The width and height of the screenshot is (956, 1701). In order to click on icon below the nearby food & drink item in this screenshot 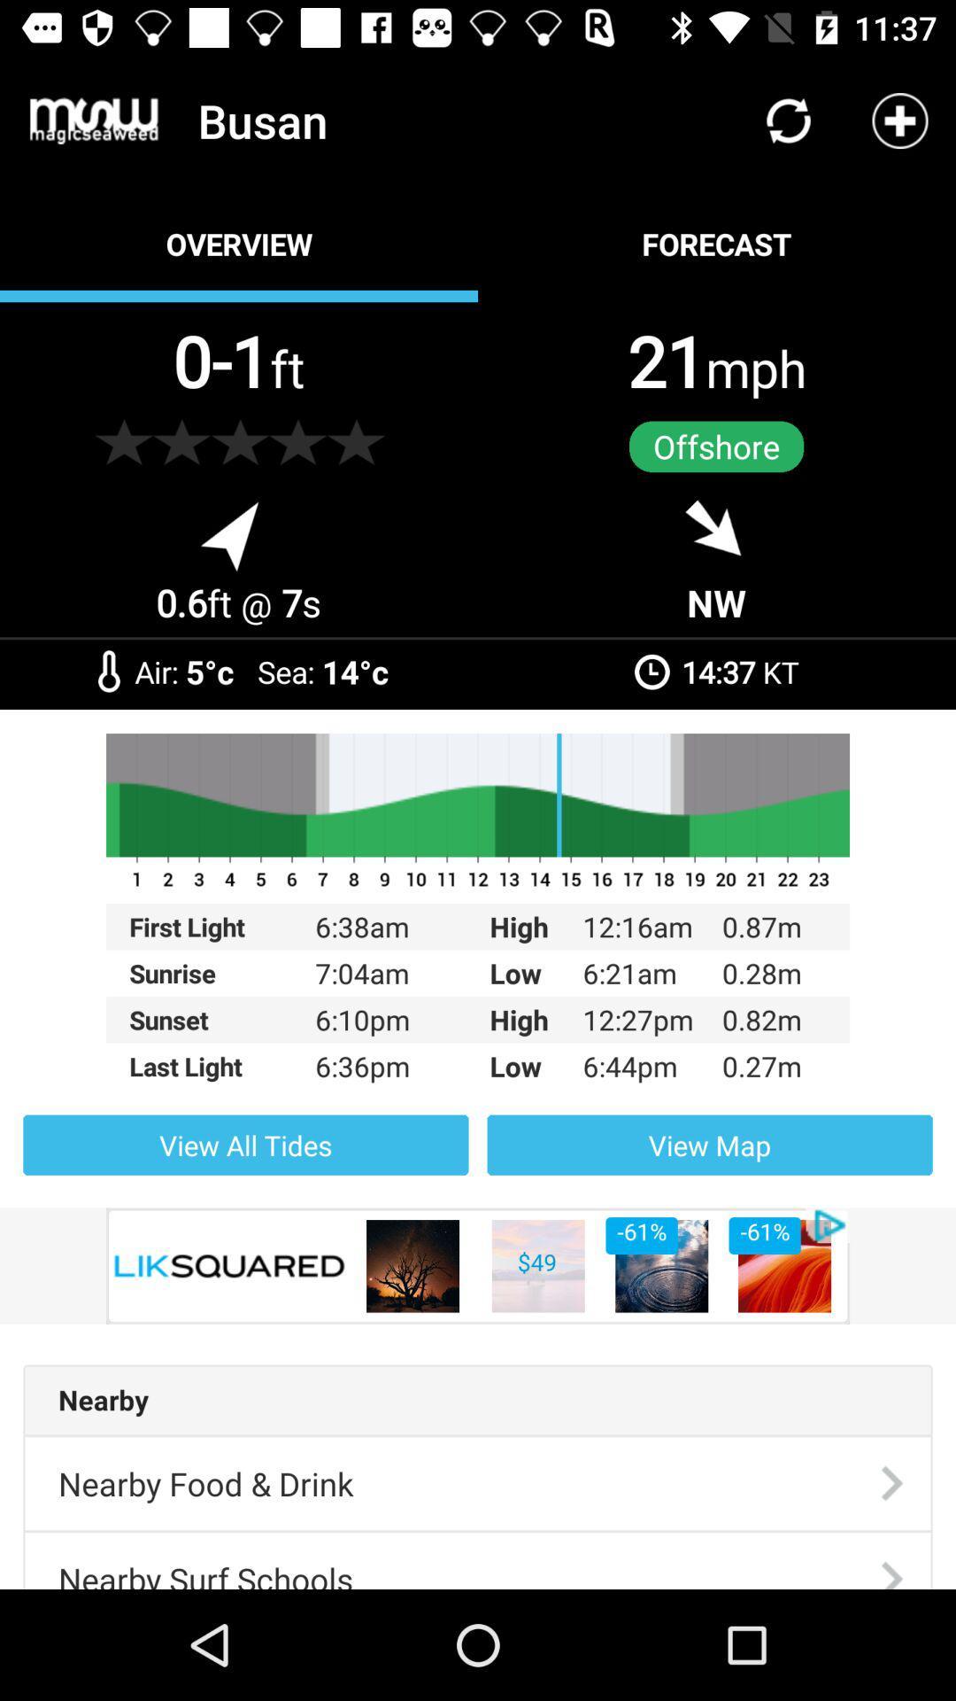, I will do `click(204, 1561)`.